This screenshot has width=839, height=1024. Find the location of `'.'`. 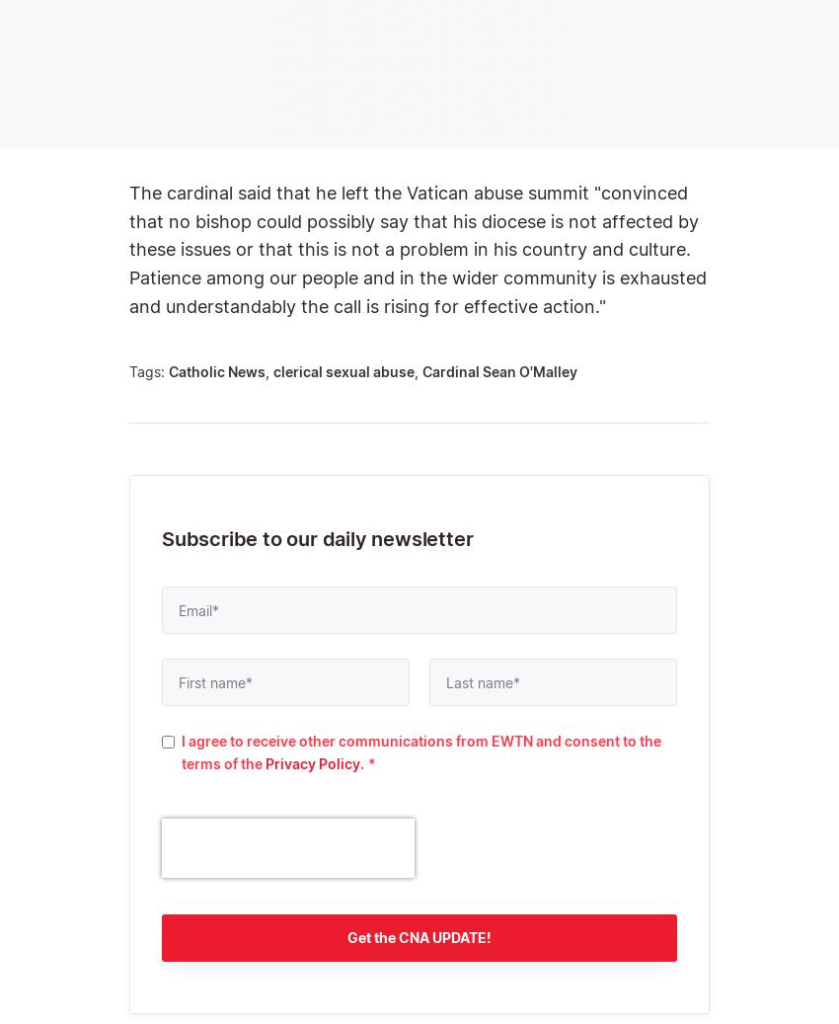

'.' is located at coordinates (358, 762).